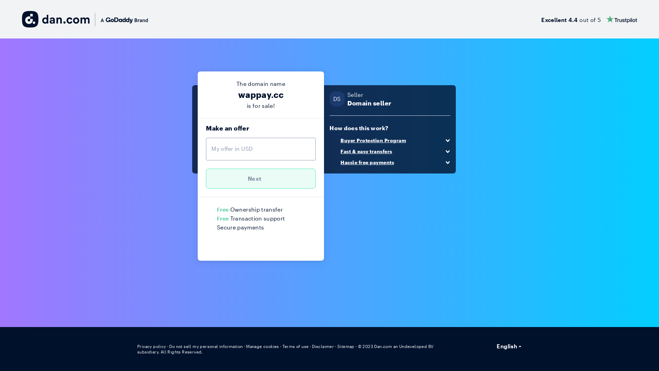 The width and height of the screenshot is (659, 371). I want to click on 'Next, so click(260, 178).